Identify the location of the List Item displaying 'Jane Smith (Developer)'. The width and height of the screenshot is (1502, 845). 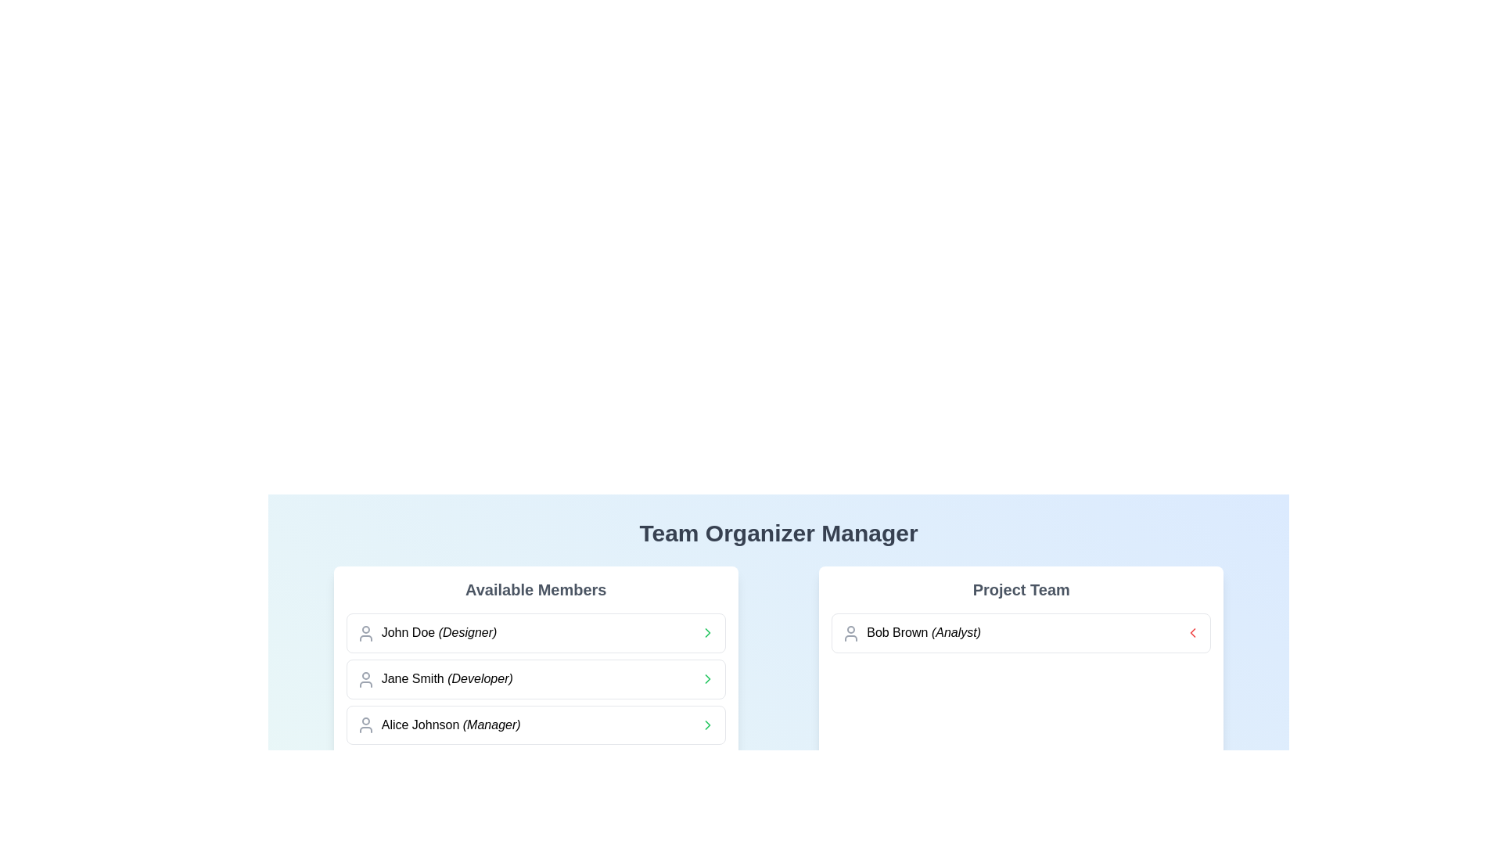
(536, 678).